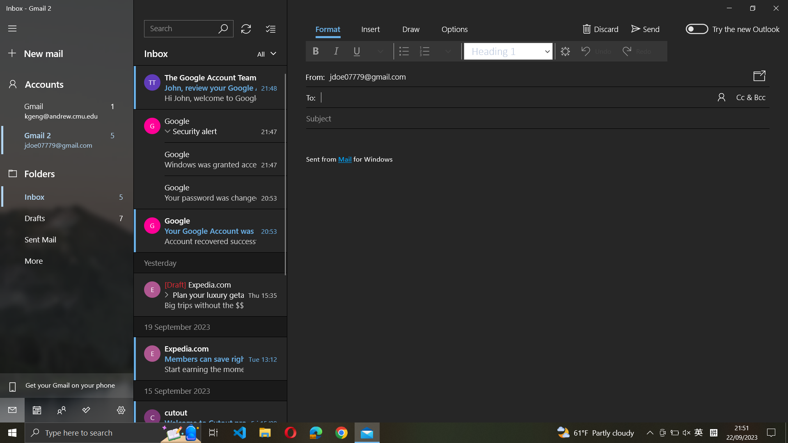 The height and width of the screenshot is (443, 788). Describe the element at coordinates (68, 54) in the screenshot. I see `Compose a new mail` at that location.